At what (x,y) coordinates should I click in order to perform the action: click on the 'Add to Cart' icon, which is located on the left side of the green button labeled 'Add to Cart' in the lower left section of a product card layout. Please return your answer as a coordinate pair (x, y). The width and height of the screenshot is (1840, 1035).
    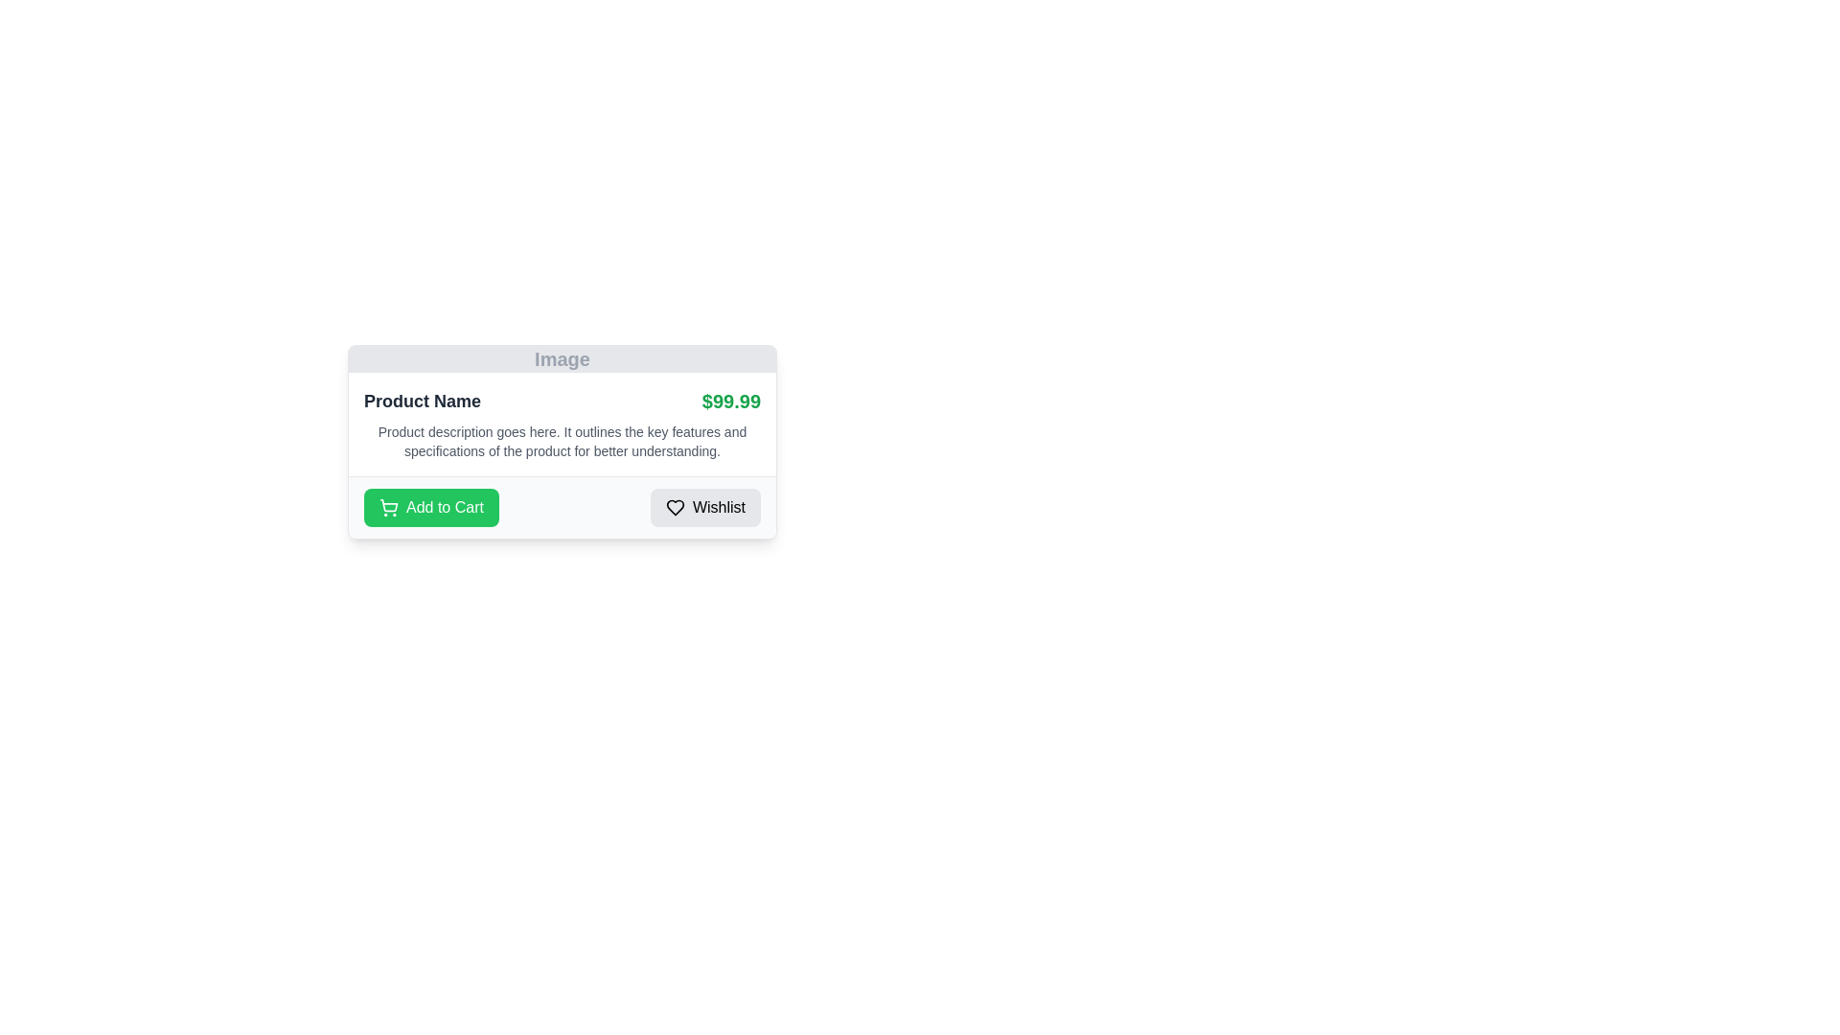
    Looking at the image, I should click on (388, 506).